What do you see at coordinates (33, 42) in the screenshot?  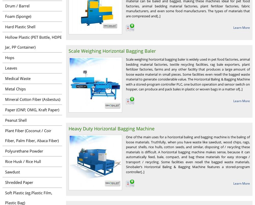 I see `'Hollow Plastic (PET Bottle, HDPE Jar, PP Container)'` at bounding box center [33, 42].